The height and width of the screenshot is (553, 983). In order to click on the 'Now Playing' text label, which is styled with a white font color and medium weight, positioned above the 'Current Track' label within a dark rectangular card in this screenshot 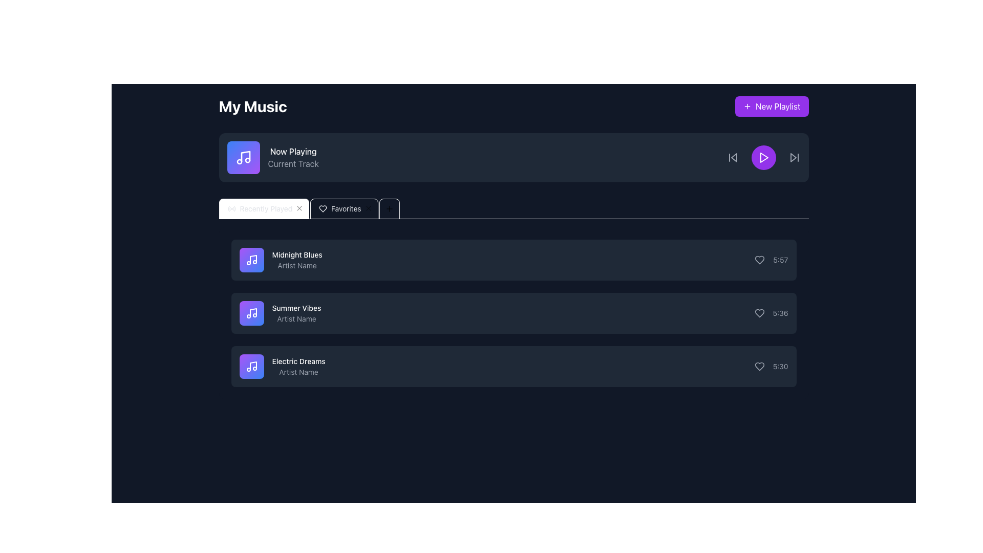, I will do `click(293, 152)`.